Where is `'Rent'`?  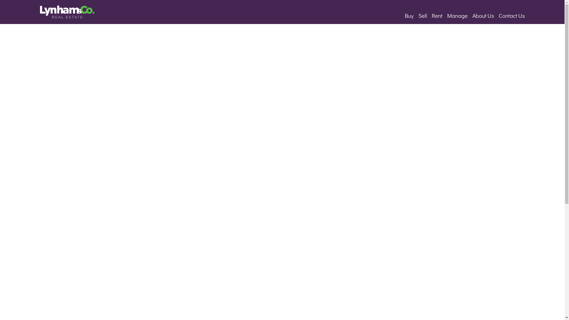 'Rent' is located at coordinates (429, 15).